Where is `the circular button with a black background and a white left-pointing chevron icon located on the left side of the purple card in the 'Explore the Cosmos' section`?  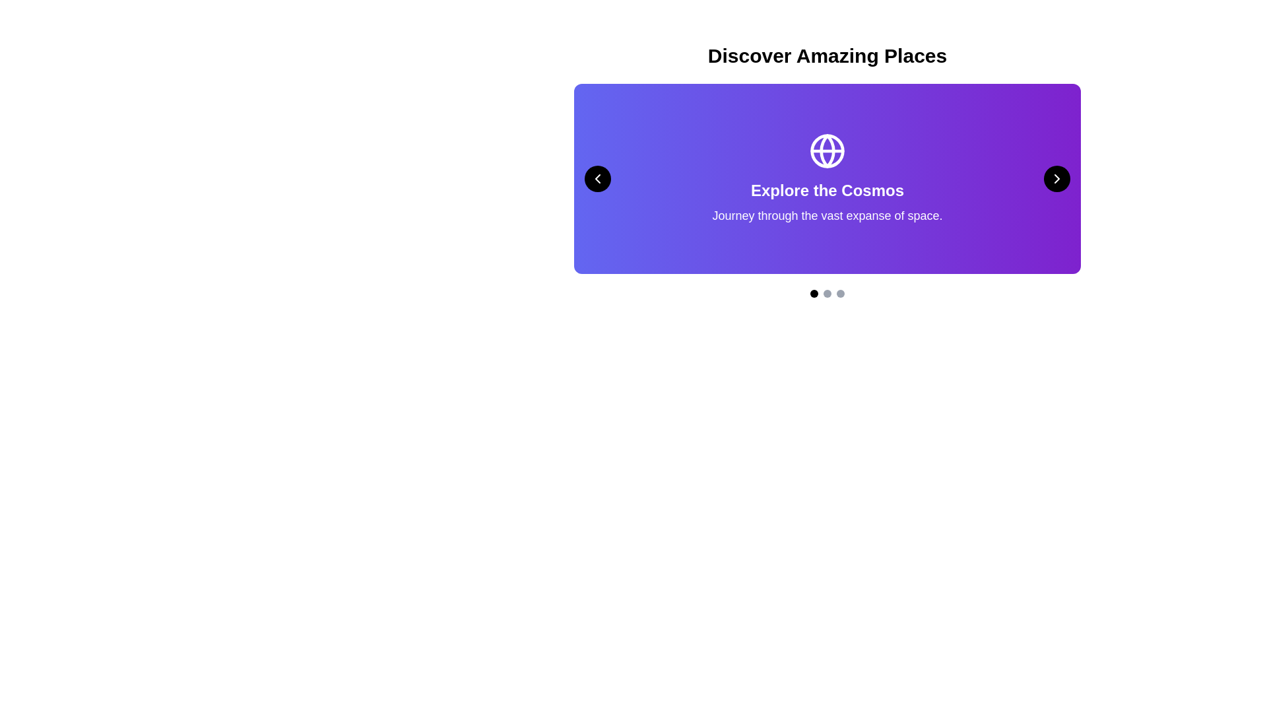 the circular button with a black background and a white left-pointing chevron icon located on the left side of the purple card in the 'Explore the Cosmos' section is located at coordinates (597, 178).